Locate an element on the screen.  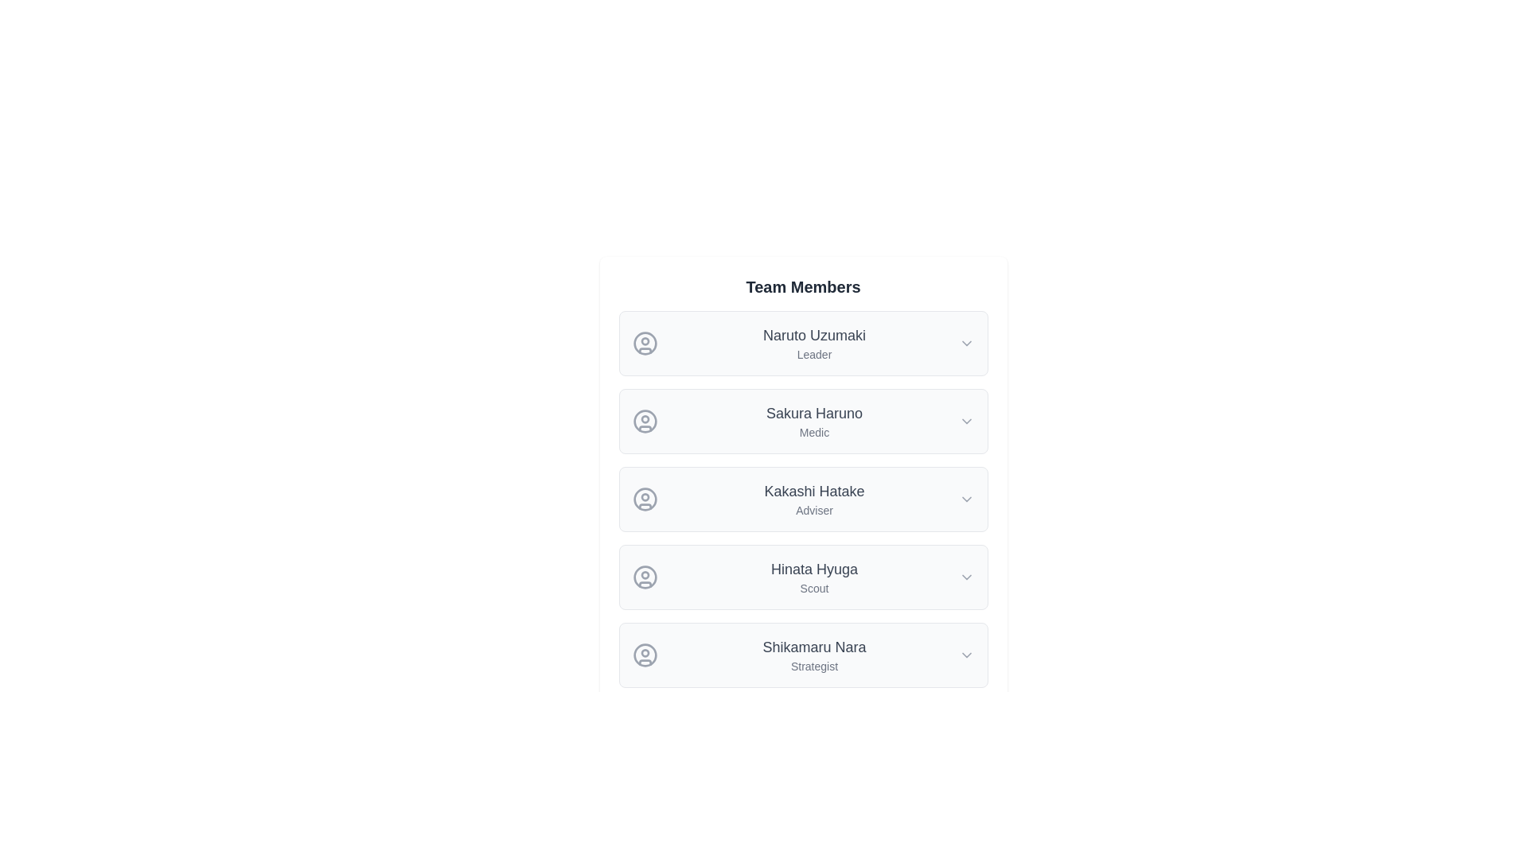
the gray circular border line of the user icon representing 'Hinata Hyuga Scout' is located at coordinates (645, 577).